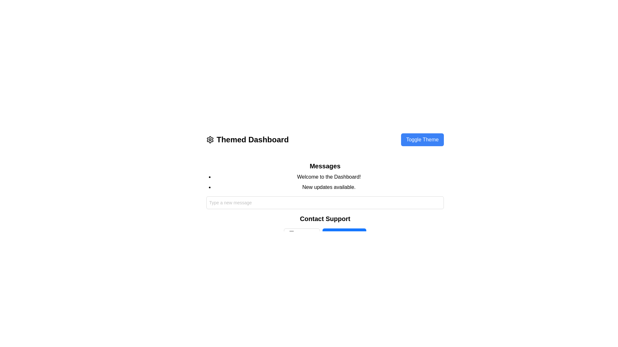 This screenshot has height=347, width=618. I want to click on welcome message text label located near the center of the page, positioned within a bullet-pointed list under the heading 'Messages', above the text 'New updates available', so click(329, 177).